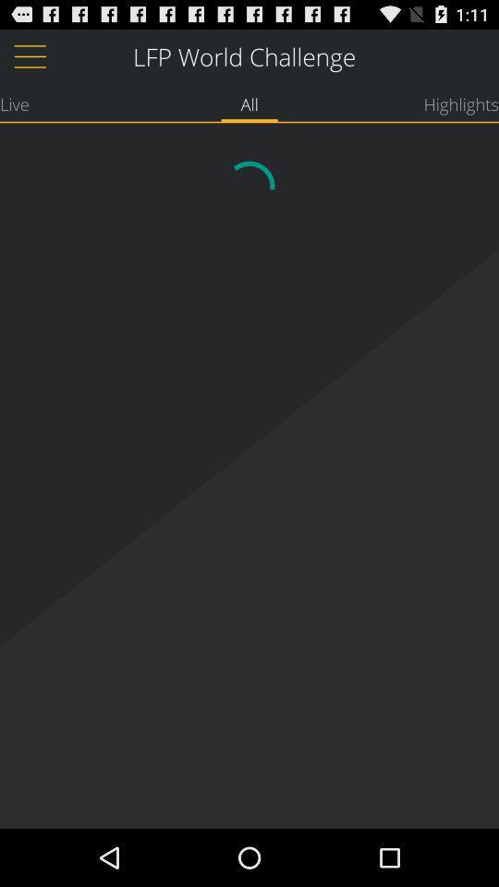 The image size is (499, 887). What do you see at coordinates (460, 103) in the screenshot?
I see `the icon at the top right corner` at bounding box center [460, 103].